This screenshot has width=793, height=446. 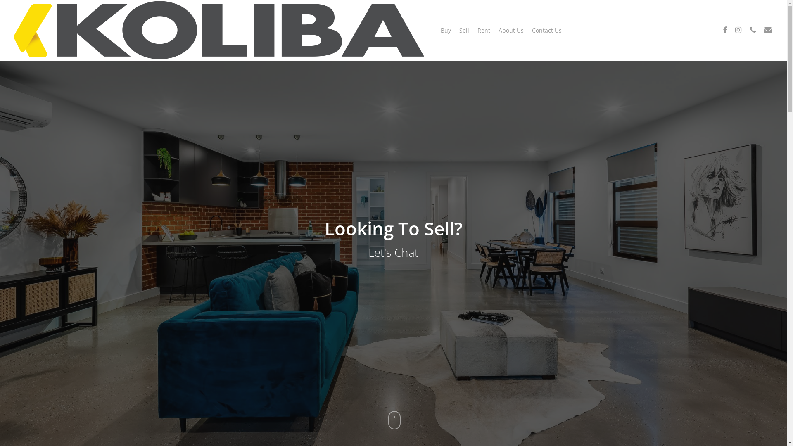 I want to click on 'instagram', so click(x=738, y=30).